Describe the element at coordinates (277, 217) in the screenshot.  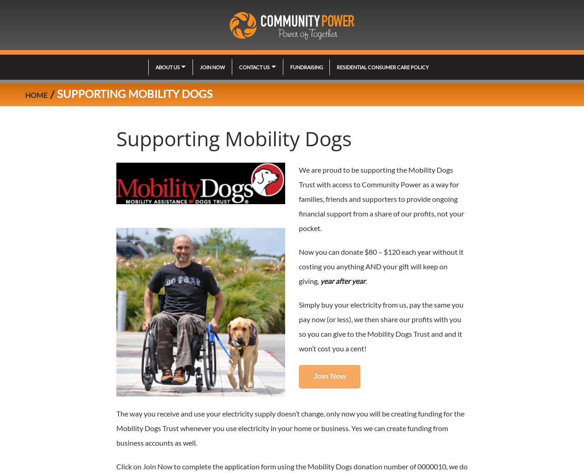
I see `'Additional Fees and Charges'` at that location.